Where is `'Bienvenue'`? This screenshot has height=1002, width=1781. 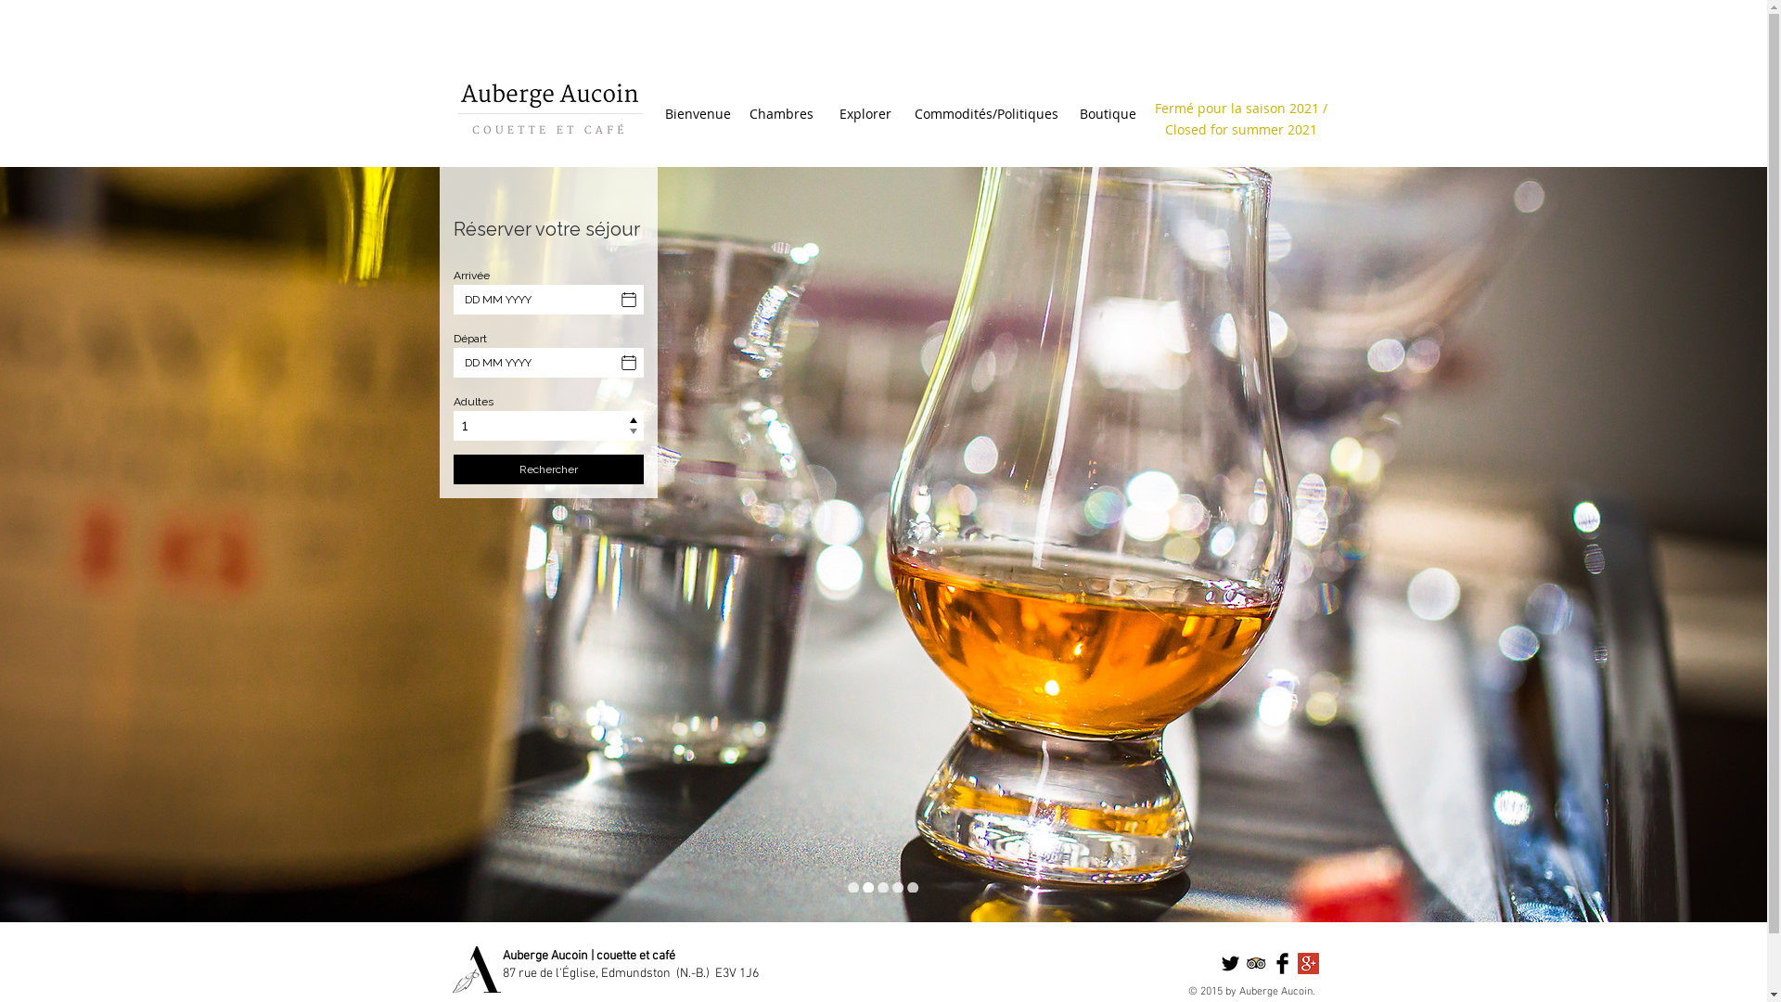
'Bienvenue' is located at coordinates (696, 114).